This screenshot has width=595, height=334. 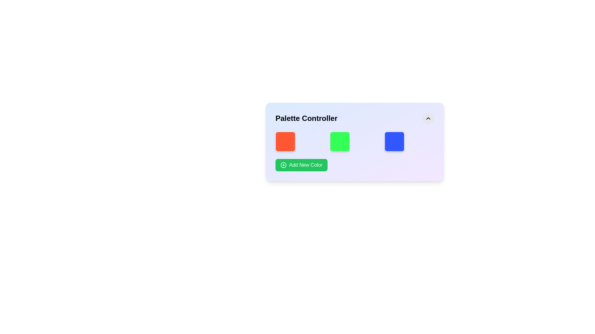 What do you see at coordinates (283, 165) in the screenshot?
I see `the icon on the left end of the 'Add New Color' button` at bounding box center [283, 165].